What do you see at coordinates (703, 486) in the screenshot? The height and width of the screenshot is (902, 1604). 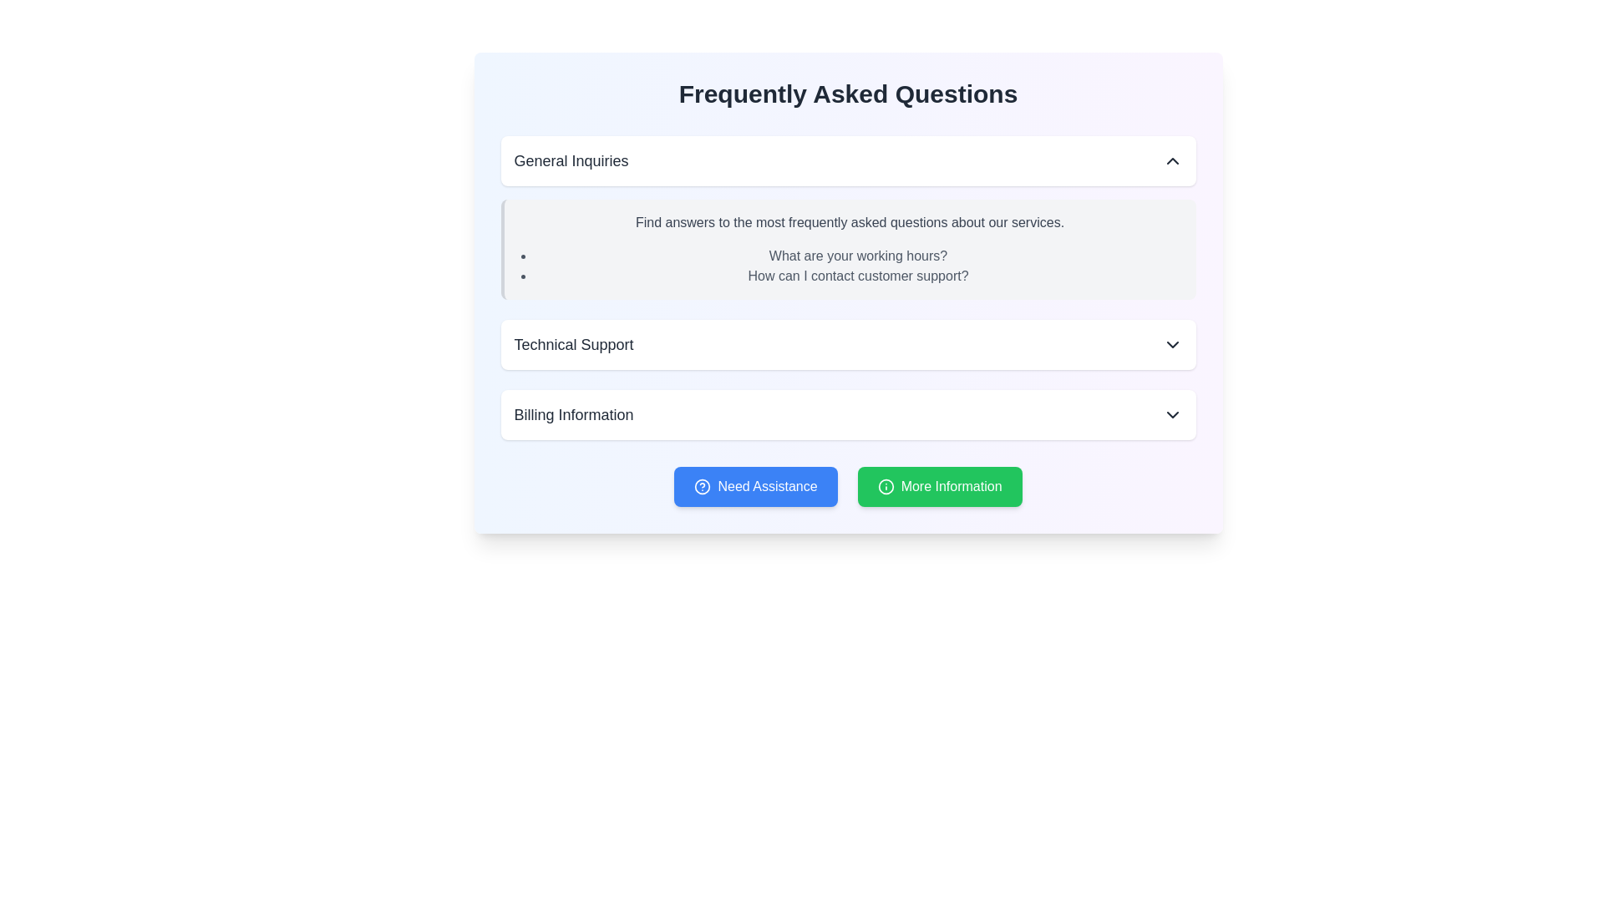 I see `the 'Need Assistance' button by interacting with the help icon located within it` at bounding box center [703, 486].